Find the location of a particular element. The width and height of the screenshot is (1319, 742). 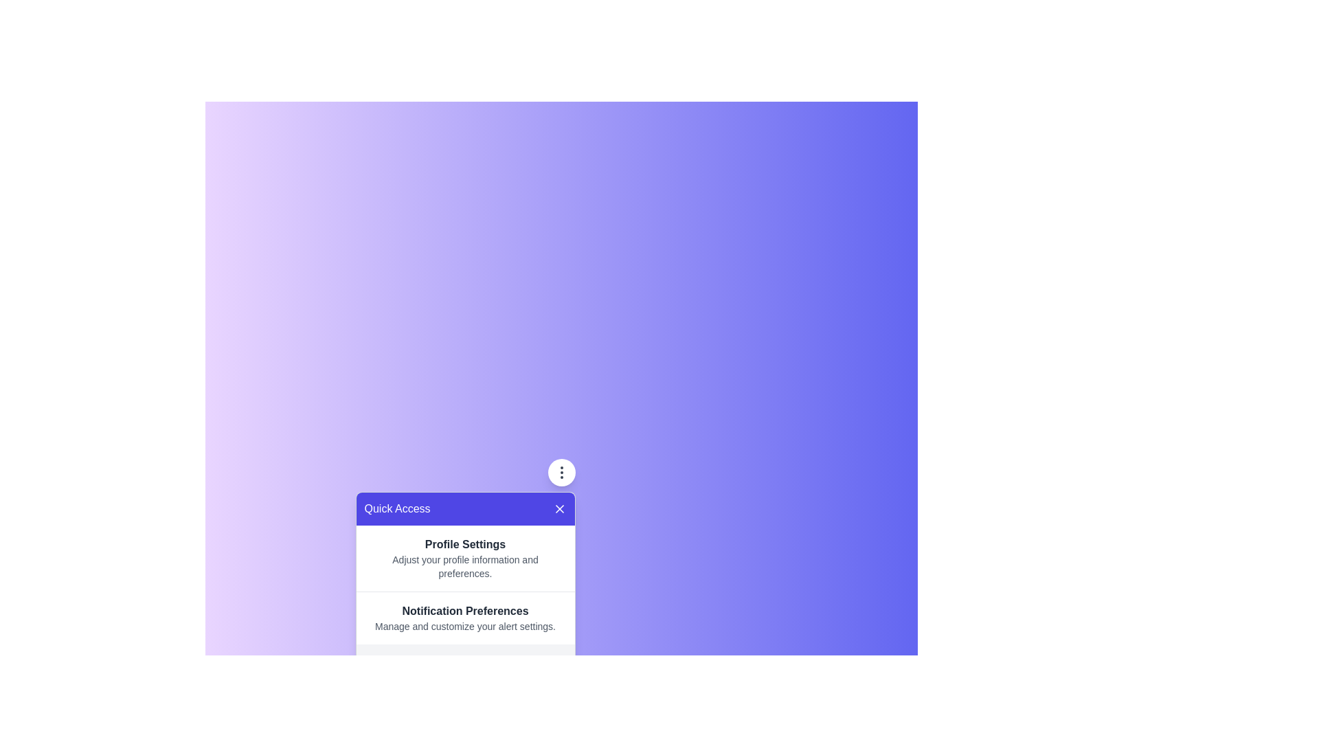

the close button, which is represented by a diagonal cross ('X') located in the top-right corner of the 'Quick Access' pop-up box with a purple background is located at coordinates (559, 508).